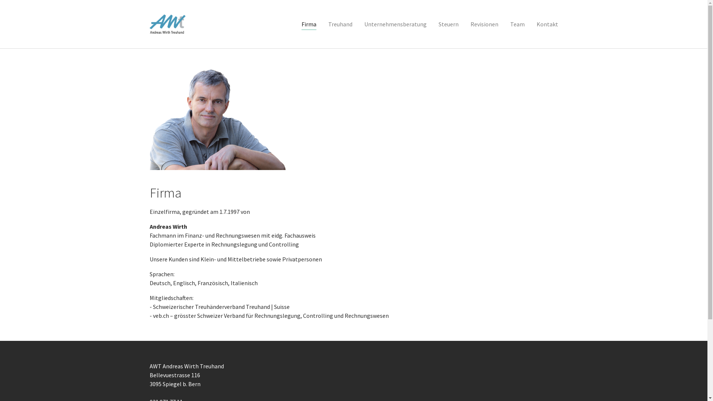 This screenshot has height=401, width=713. Describe the element at coordinates (358, 24) in the screenshot. I see `'Unternehmensberatung'` at that location.